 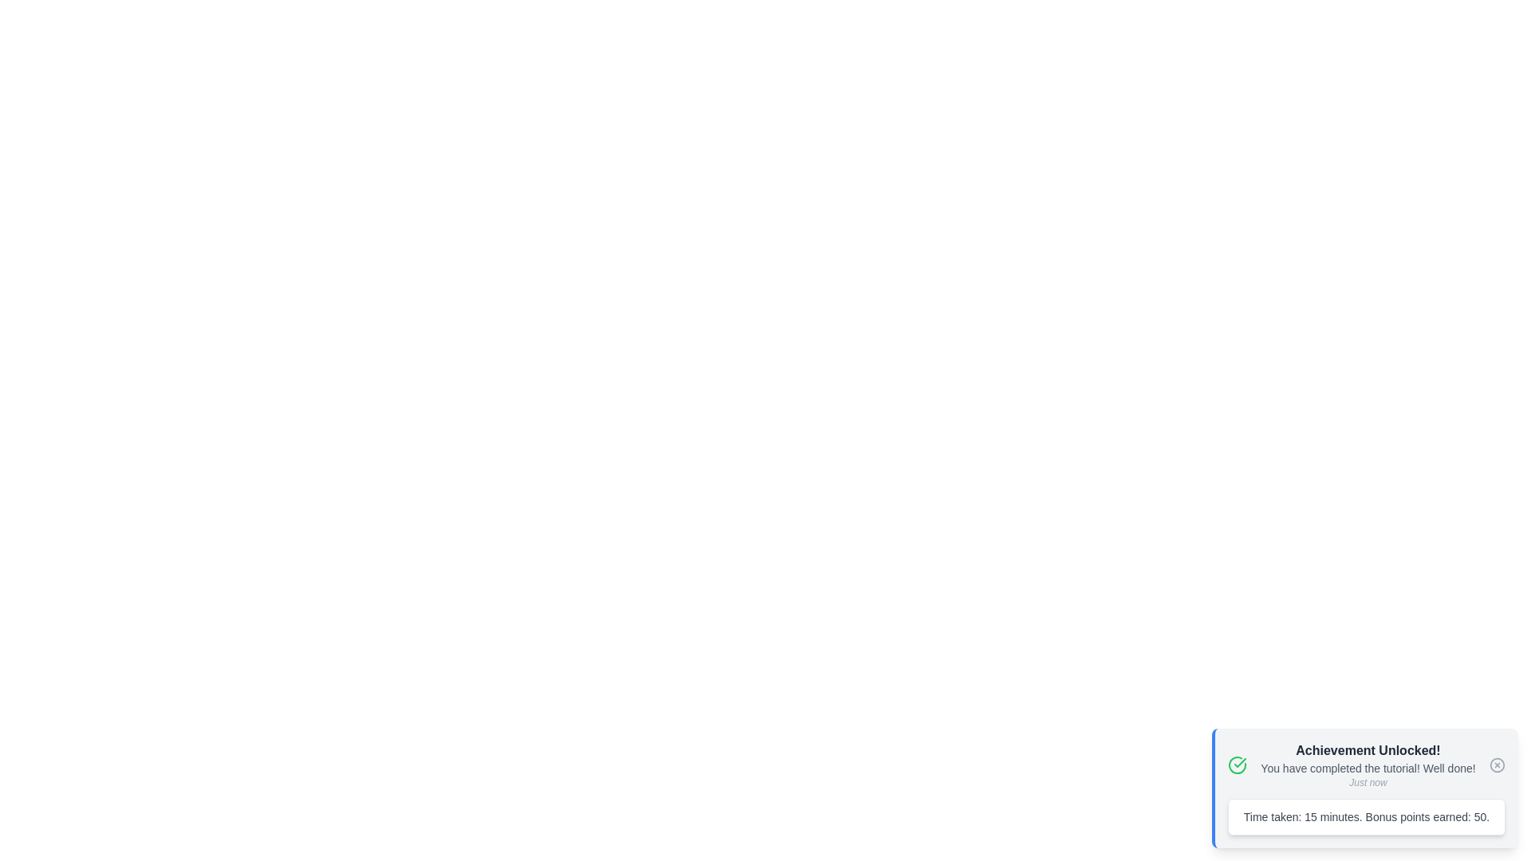 What do you see at coordinates (1496, 765) in the screenshot?
I see `the close button of the snackbar to dismiss it` at bounding box center [1496, 765].